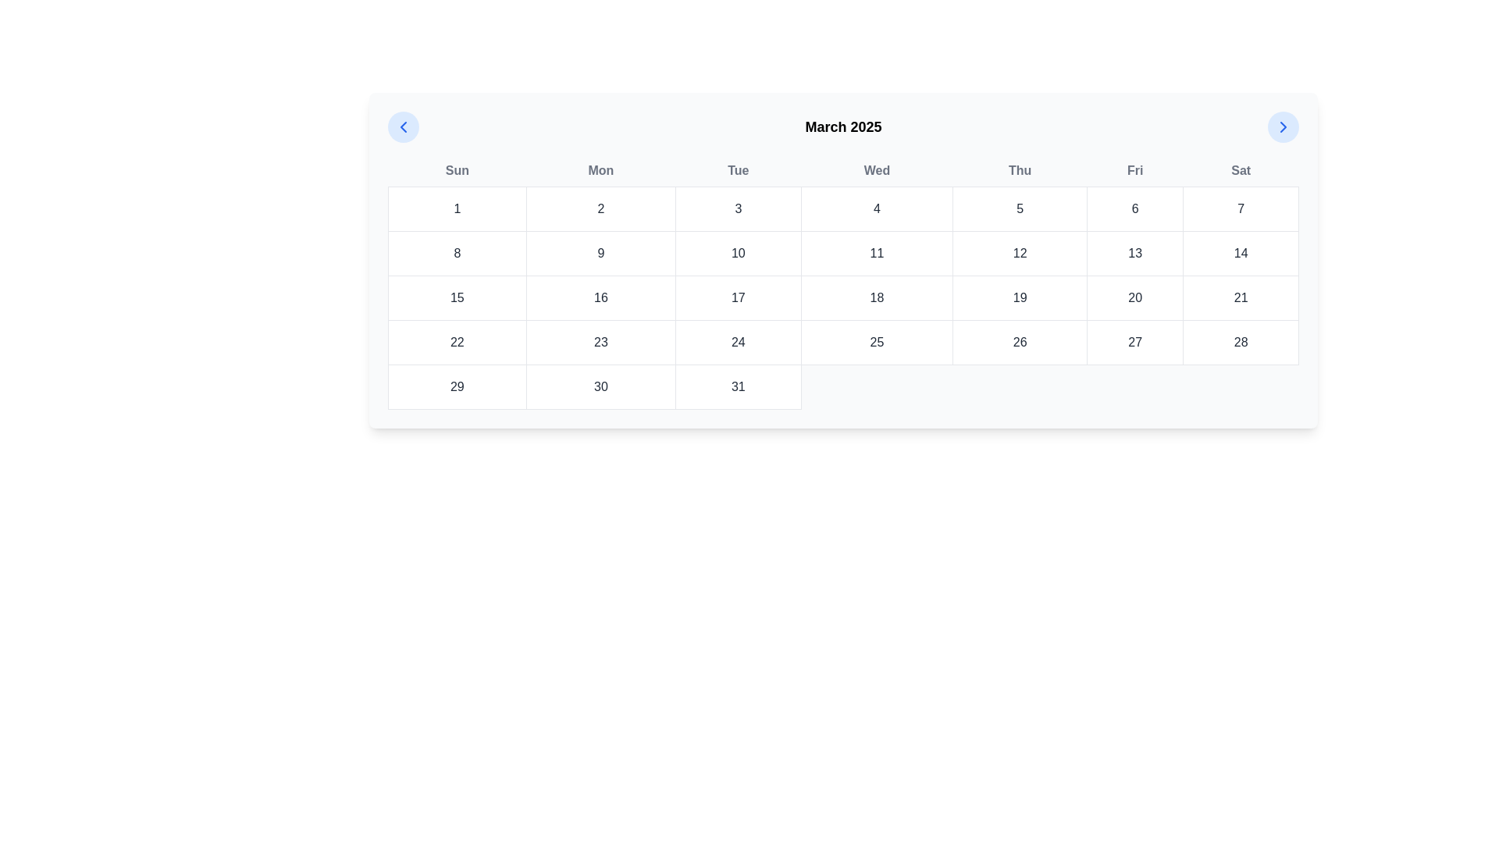 The width and height of the screenshot is (1499, 843). Describe the element at coordinates (737, 342) in the screenshot. I see `the calendar cell containing the text '24' to change the background color to blue` at that location.